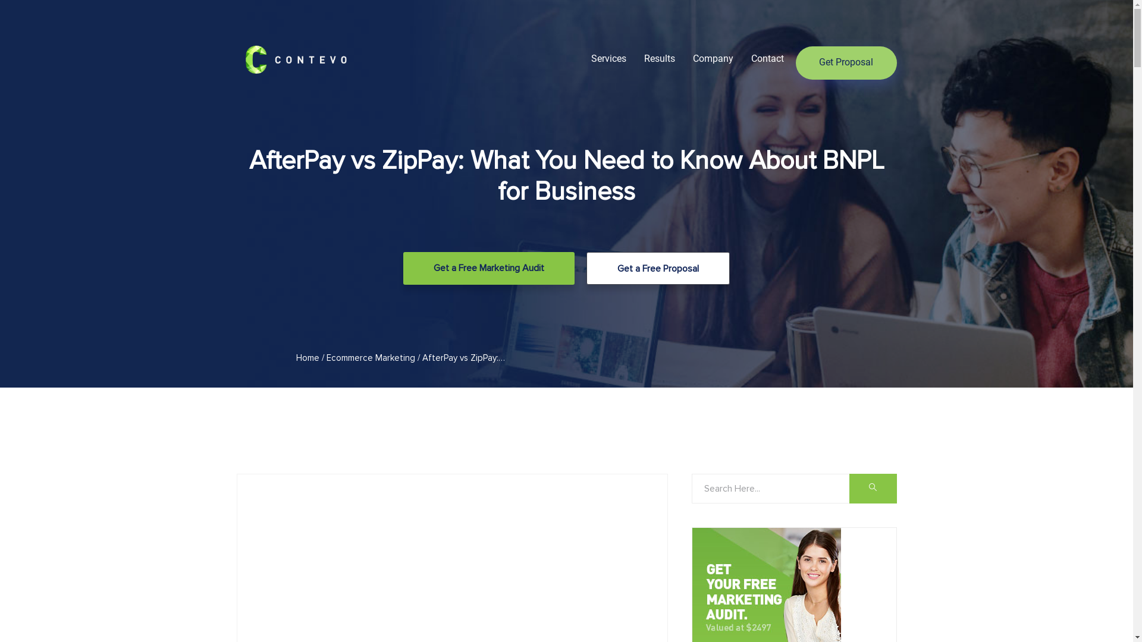 The image size is (1142, 642). I want to click on 'Services', so click(608, 58).